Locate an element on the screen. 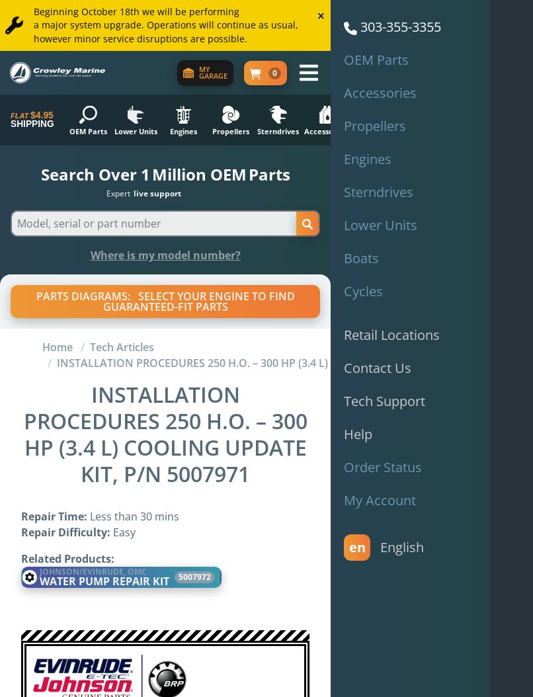  'Add to Garage' is located at coordinates (117, 287).